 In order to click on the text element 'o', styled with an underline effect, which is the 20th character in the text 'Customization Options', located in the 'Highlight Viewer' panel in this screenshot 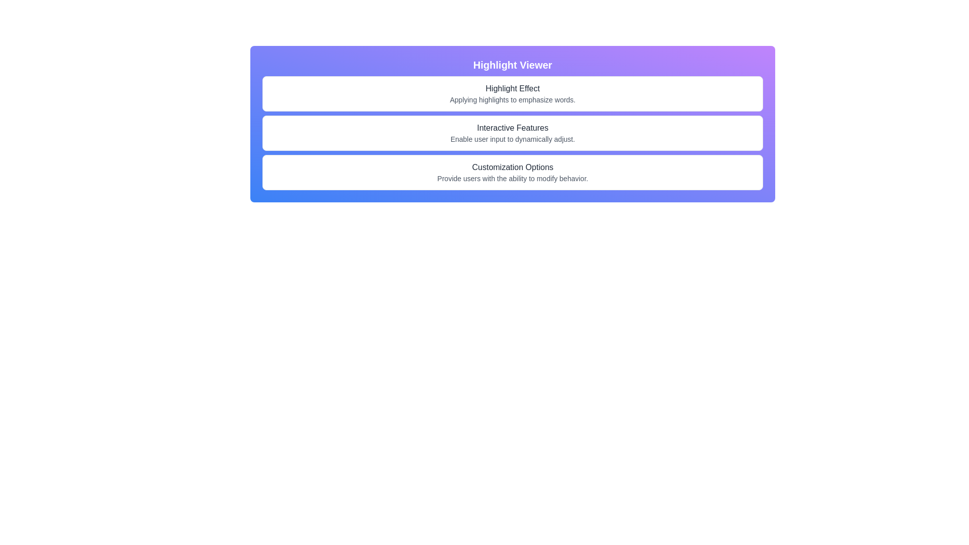, I will do `click(542, 167)`.